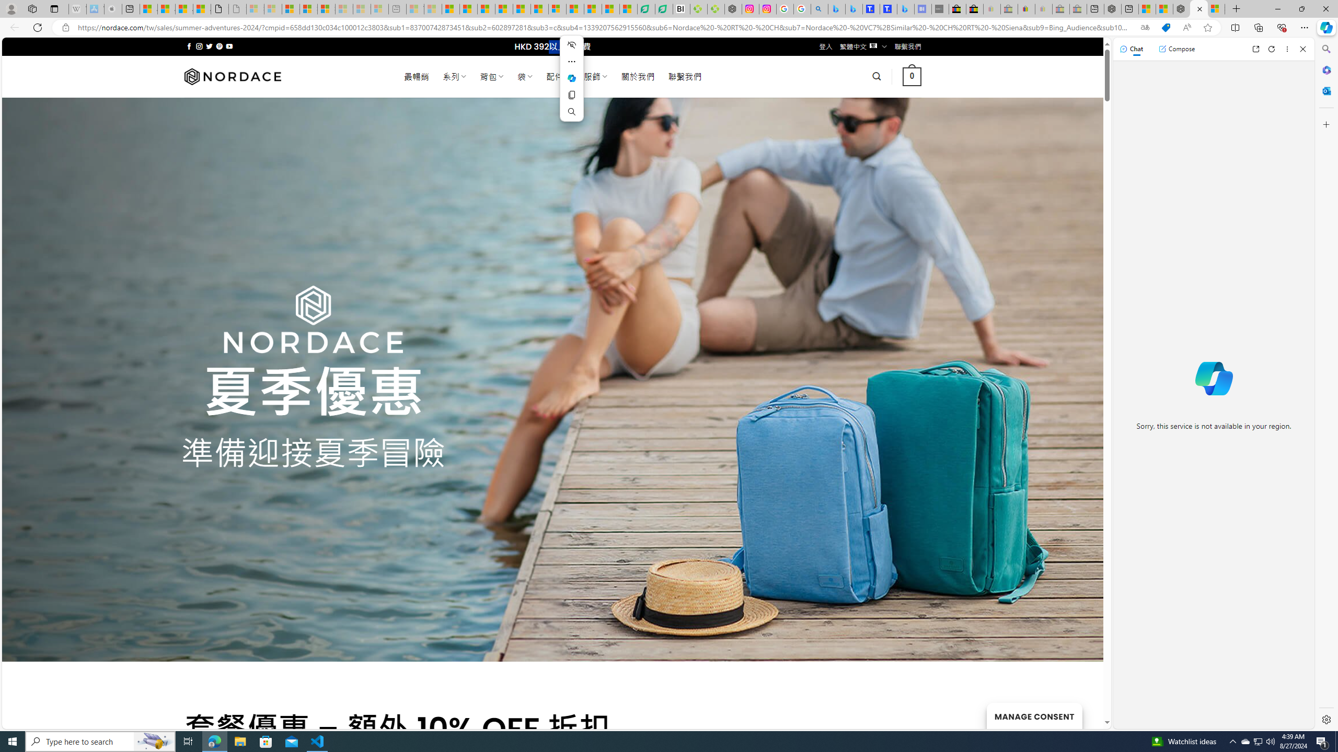 The image size is (1338, 752). I want to click on 'Copy', so click(571, 95).